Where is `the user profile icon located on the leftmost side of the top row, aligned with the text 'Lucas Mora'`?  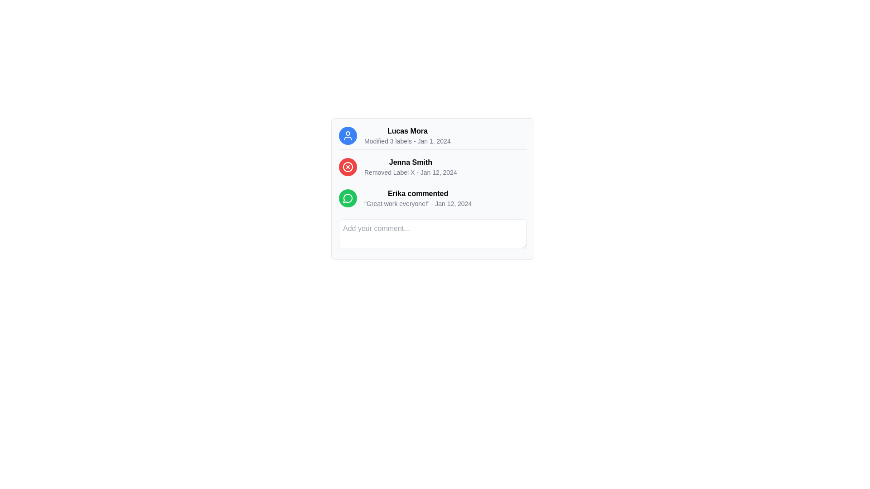
the user profile icon located on the leftmost side of the top row, aligned with the text 'Lucas Mora' is located at coordinates (348, 136).